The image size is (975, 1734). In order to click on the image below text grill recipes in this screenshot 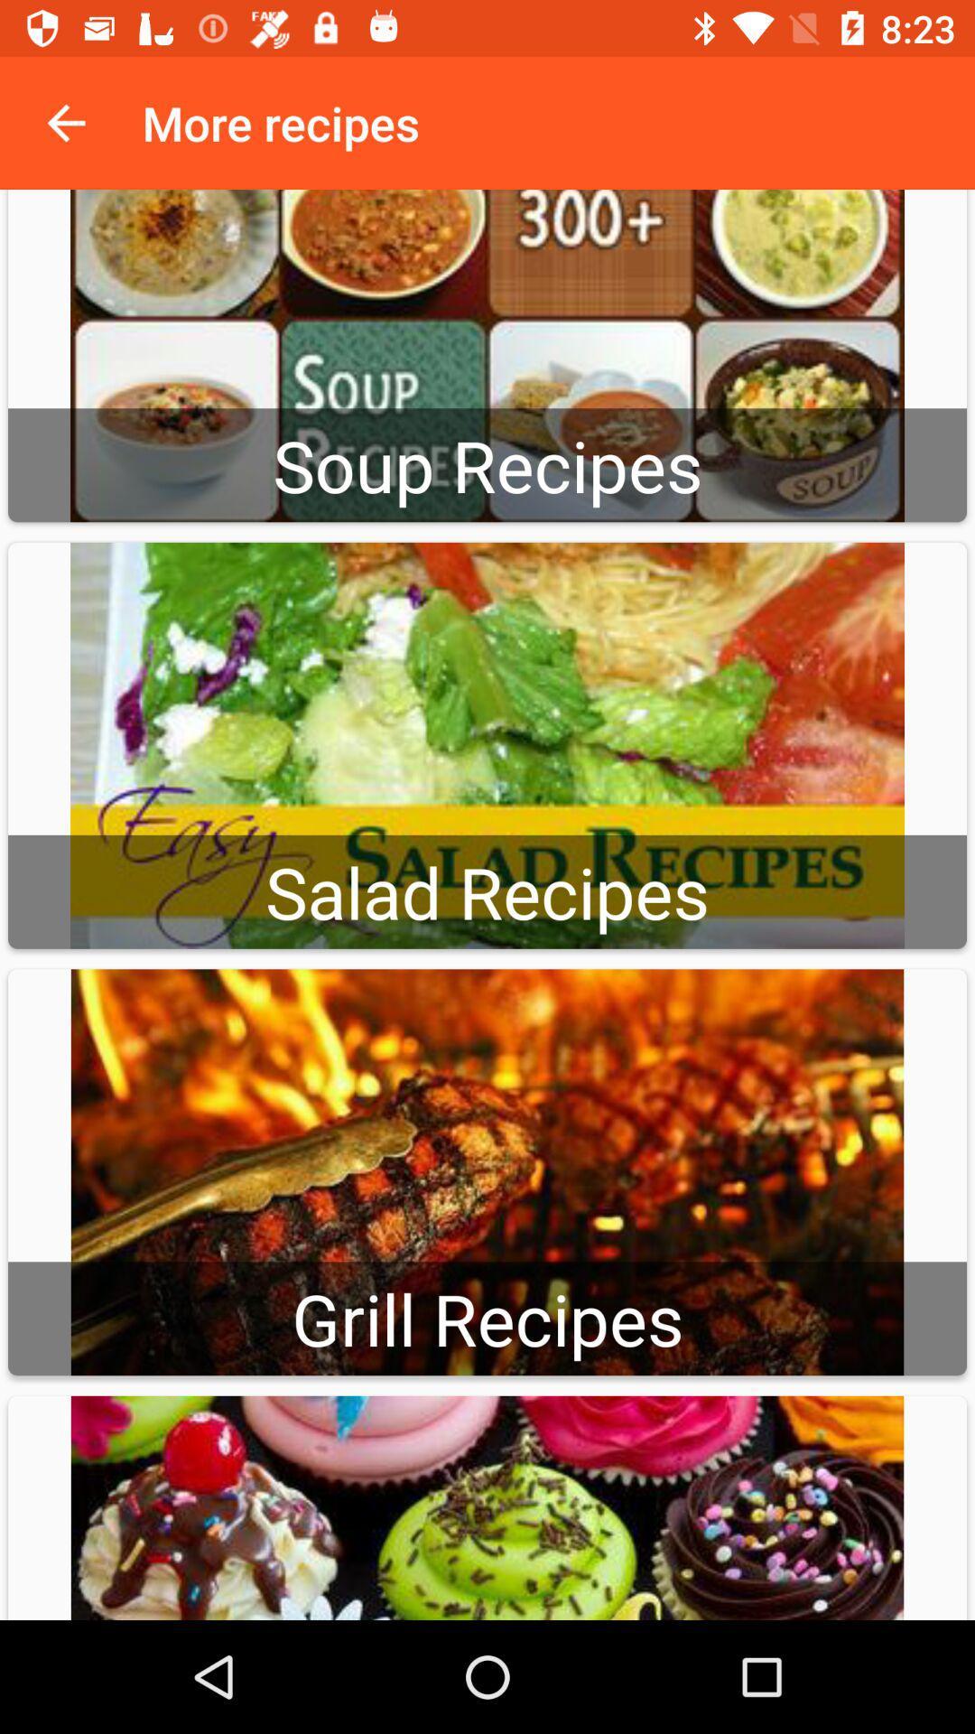, I will do `click(487, 1508)`.